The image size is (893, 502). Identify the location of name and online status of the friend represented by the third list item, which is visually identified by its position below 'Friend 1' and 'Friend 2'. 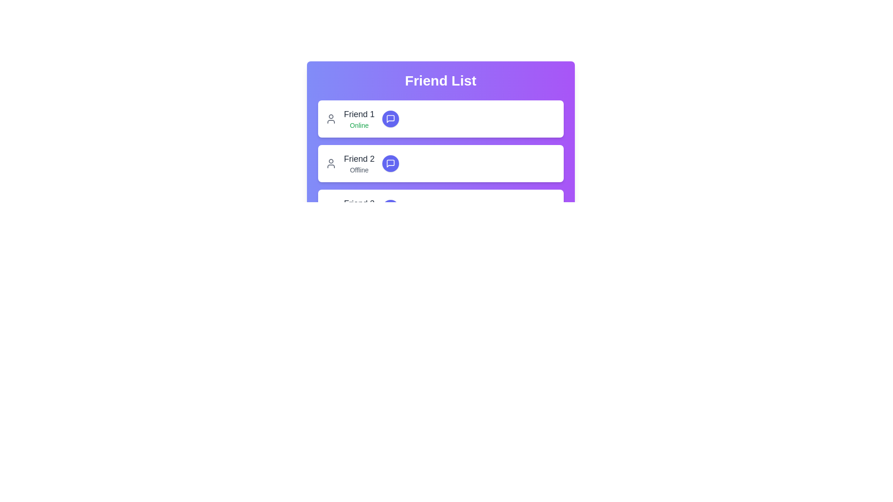
(440, 207).